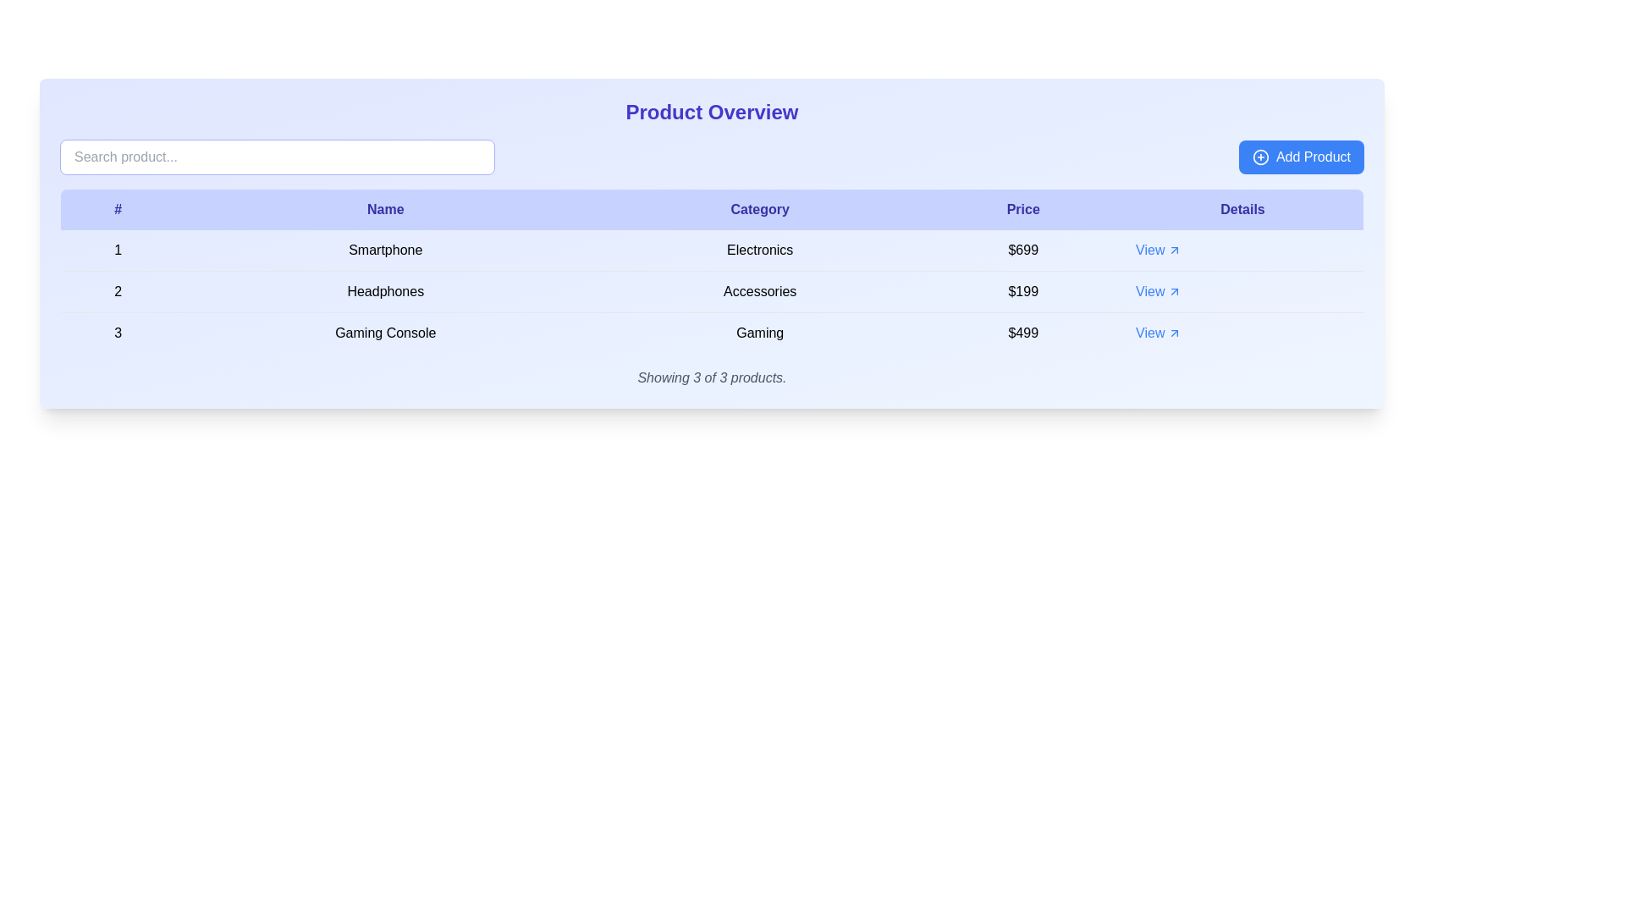  I want to click on text display component that serves as a row identifier or serial number in the first row of the table, located at the top-left corner, directly left of the 'Smartphone' column, so click(117, 251).